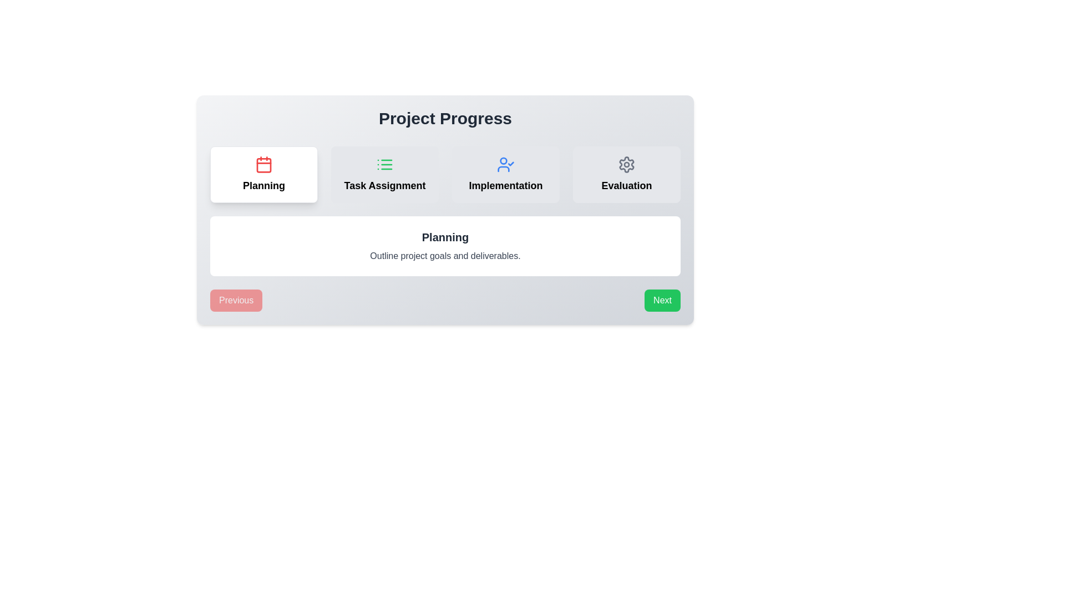 The image size is (1065, 599). Describe the element at coordinates (445, 237) in the screenshot. I see `the static text header element displaying the word 'Planning', which is prominently styled in large, bold font and dark gray color, located at the top-center of a white rounded box` at that location.